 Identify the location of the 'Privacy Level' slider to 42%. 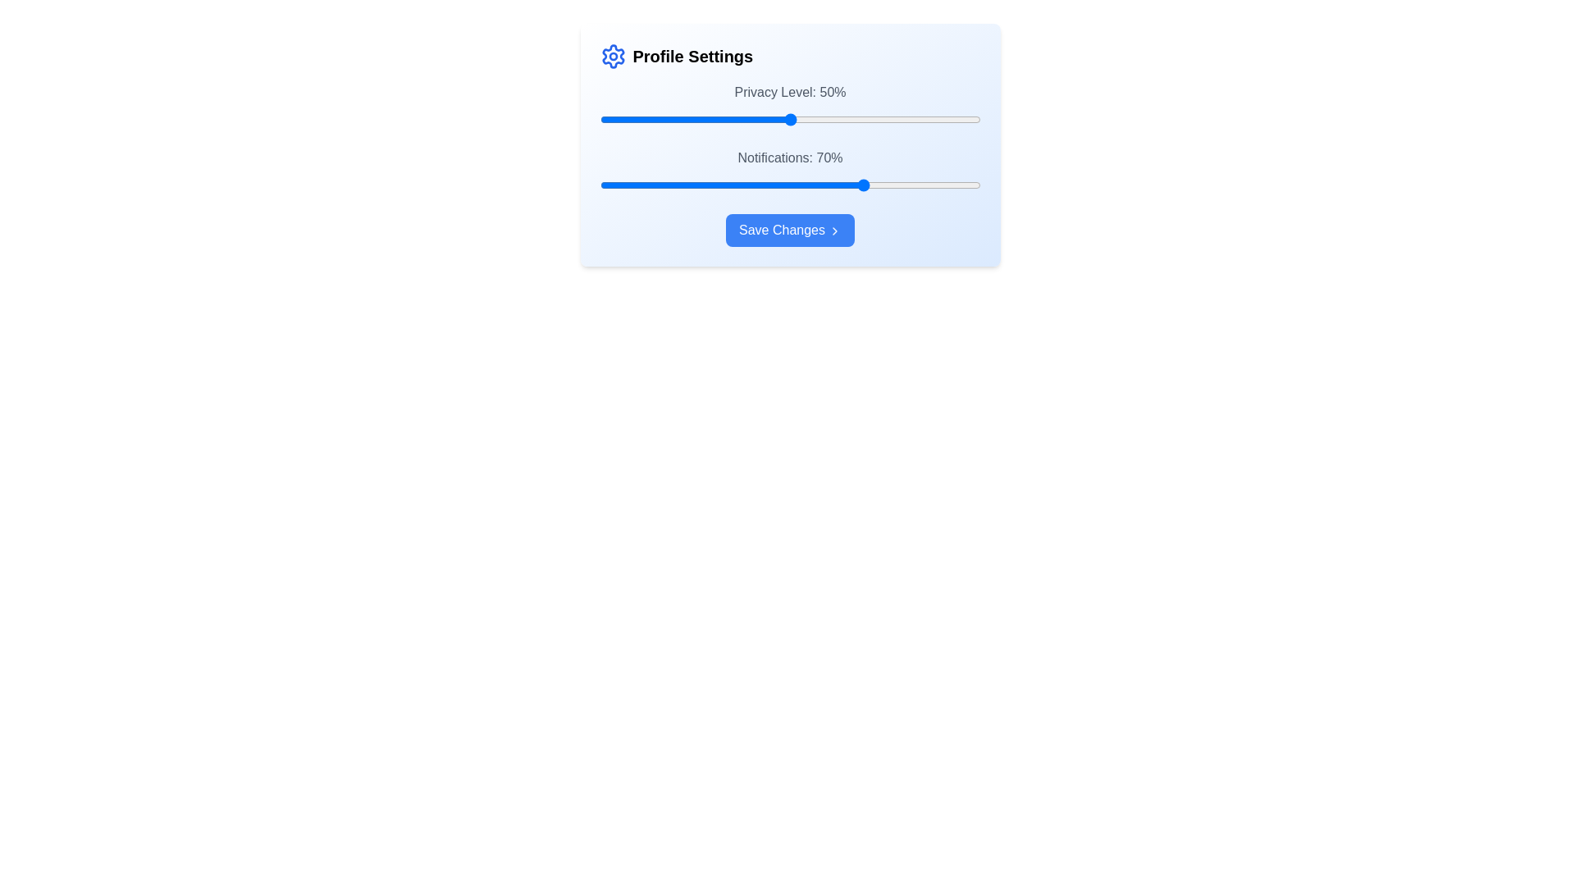
(759, 119).